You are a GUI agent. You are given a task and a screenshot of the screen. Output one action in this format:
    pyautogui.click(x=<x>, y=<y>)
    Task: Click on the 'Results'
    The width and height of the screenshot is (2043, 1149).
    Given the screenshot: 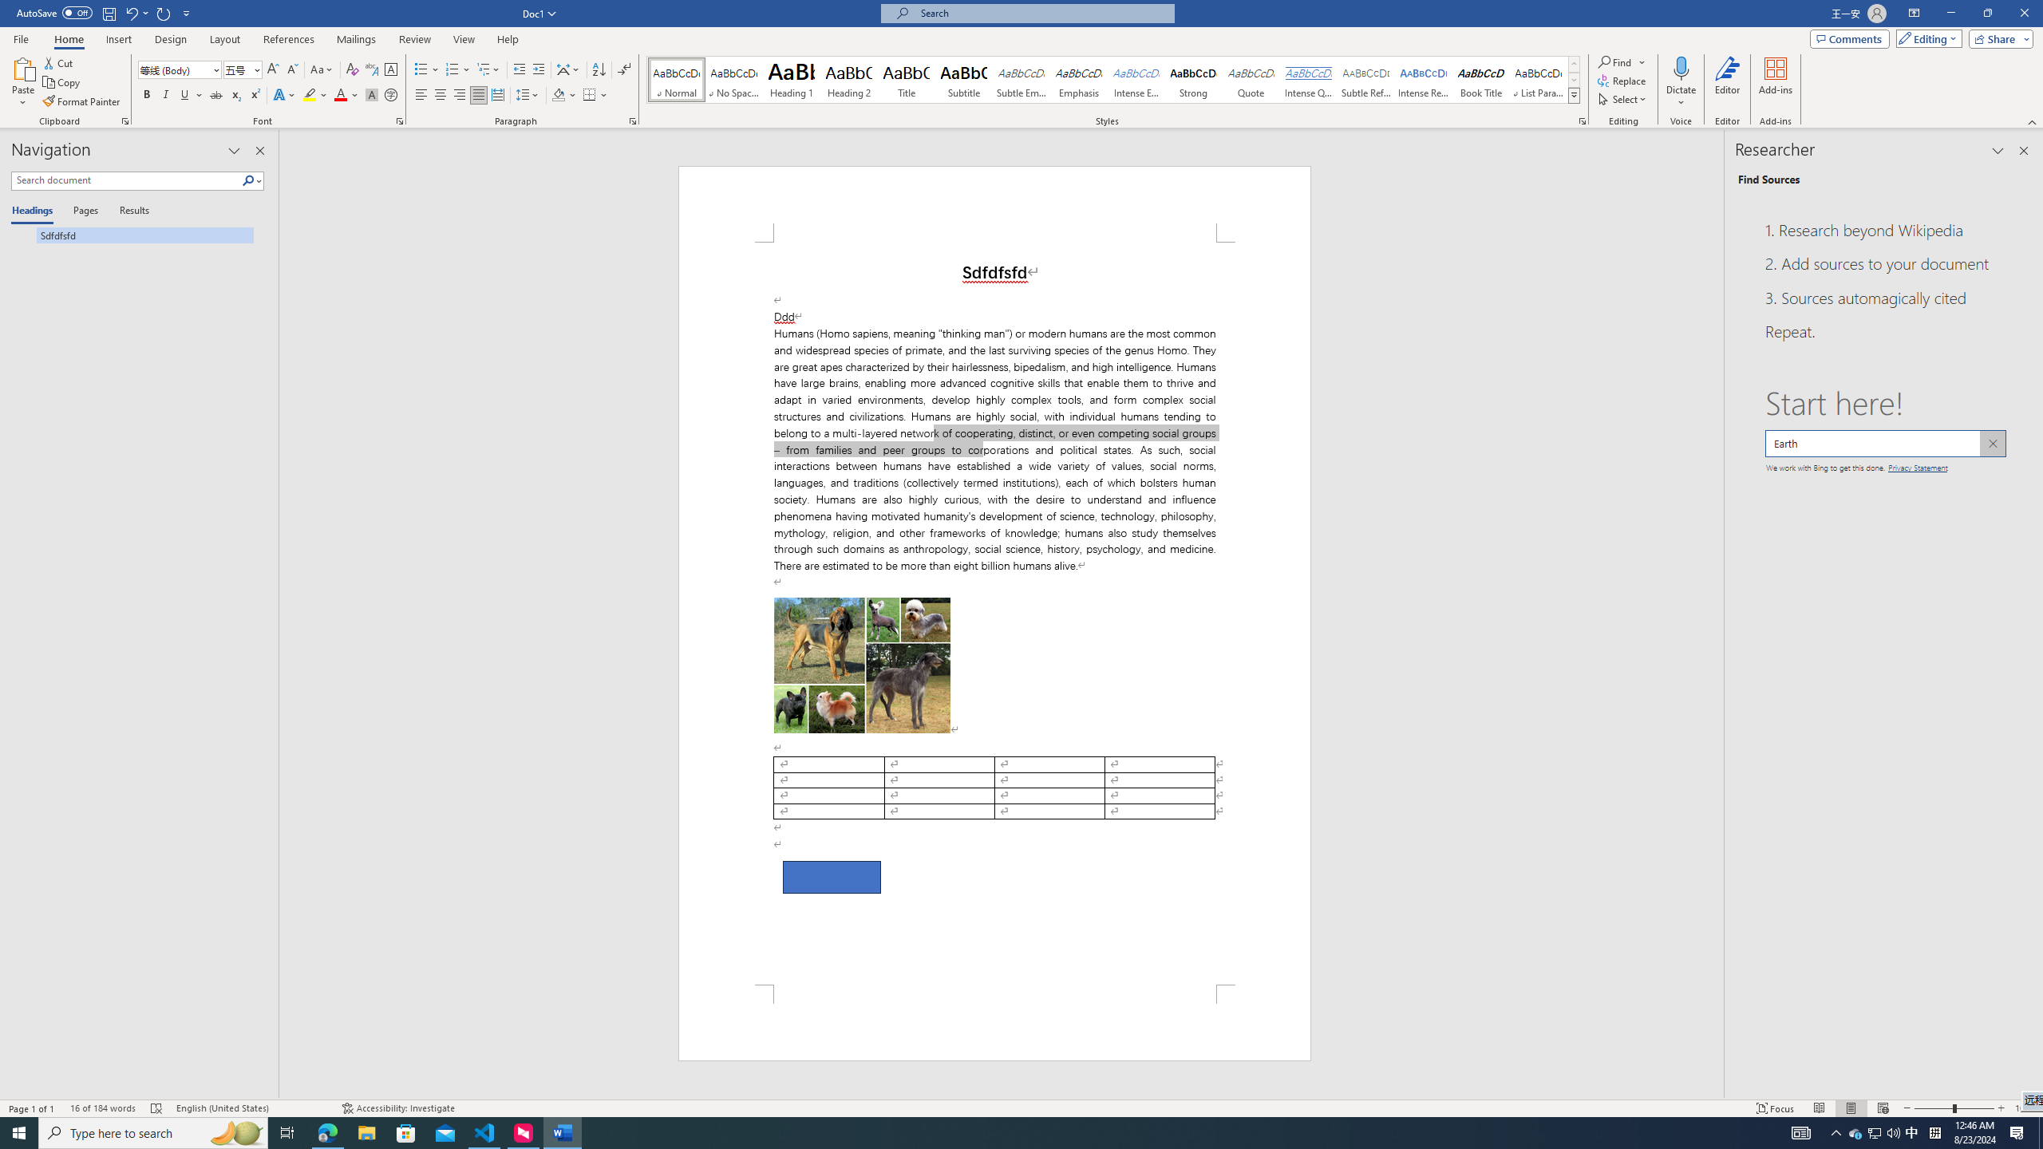 What is the action you would take?
    pyautogui.click(x=128, y=211)
    